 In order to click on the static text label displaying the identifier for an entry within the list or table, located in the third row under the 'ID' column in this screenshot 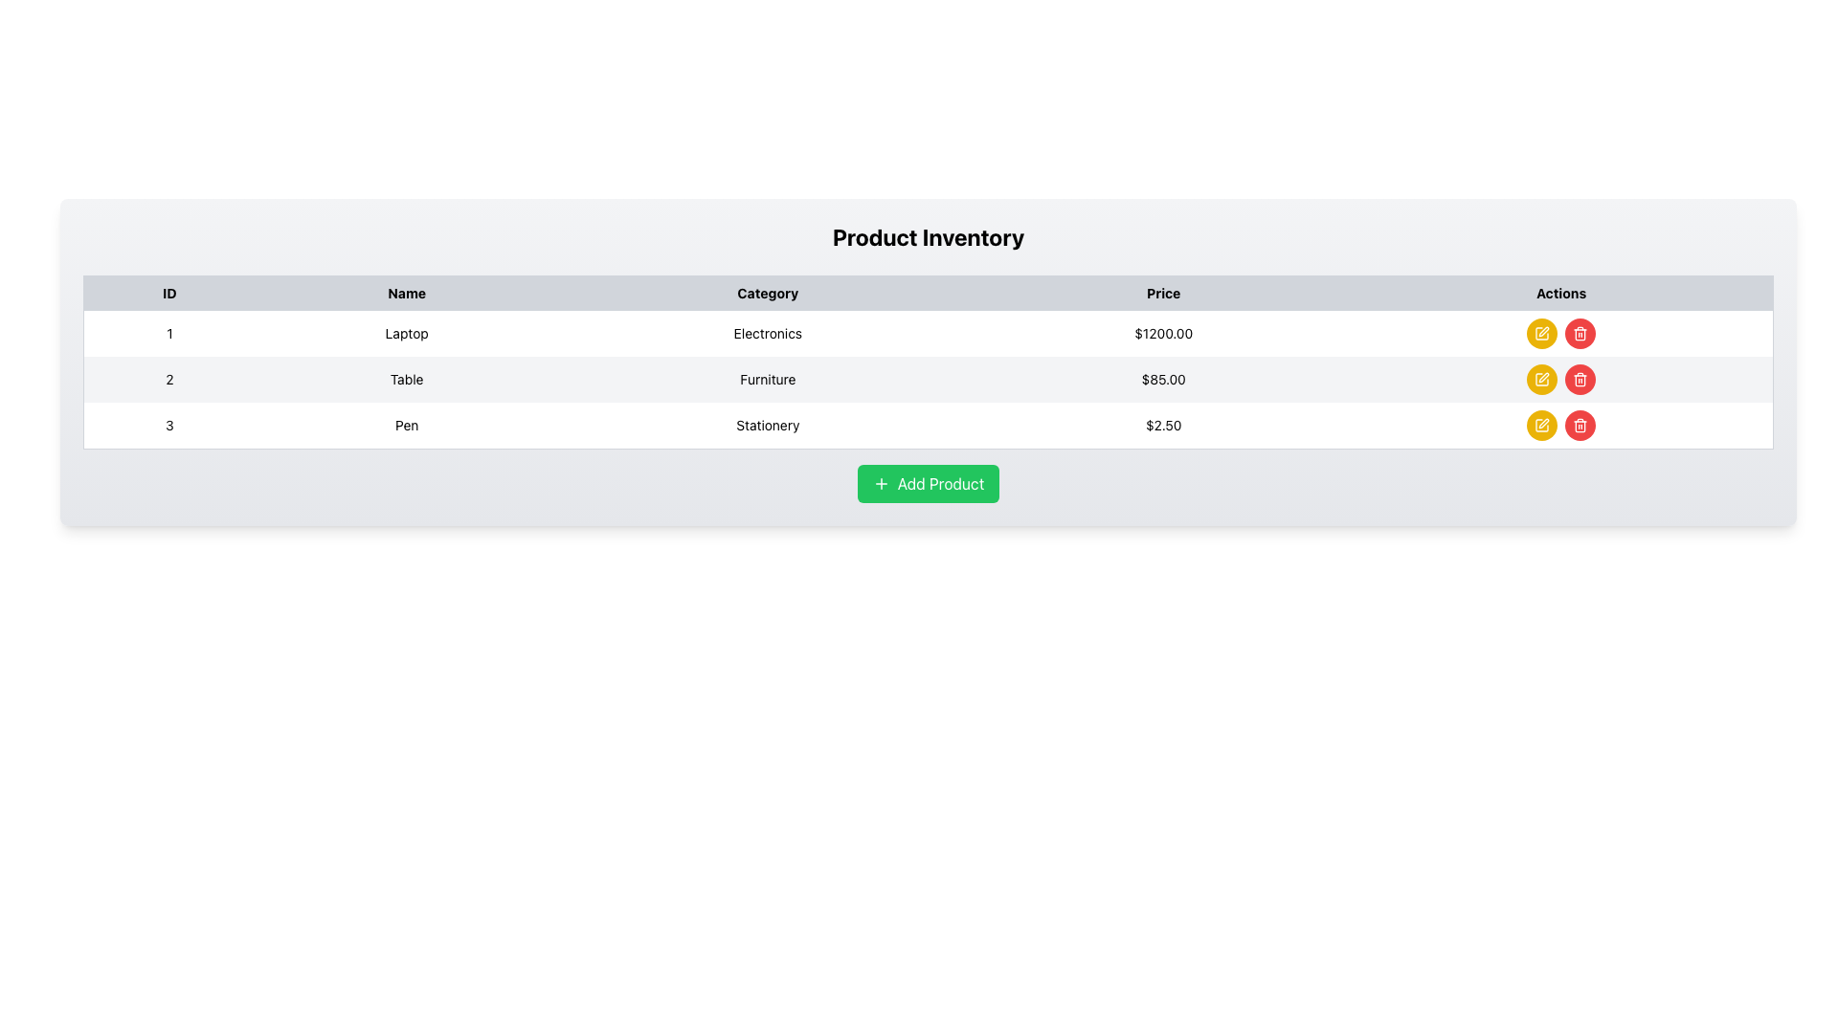, I will do `click(169, 425)`.